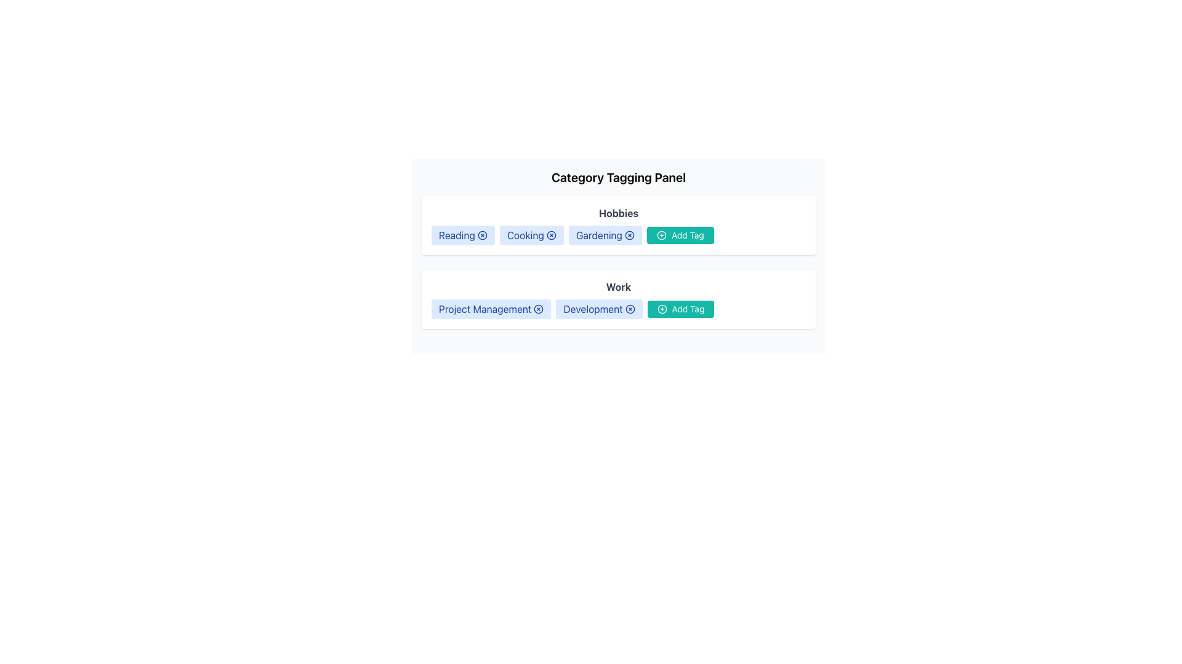  Describe the element at coordinates (661, 235) in the screenshot. I see `the addition icon located to the left of the 'Add Tag' button` at that location.